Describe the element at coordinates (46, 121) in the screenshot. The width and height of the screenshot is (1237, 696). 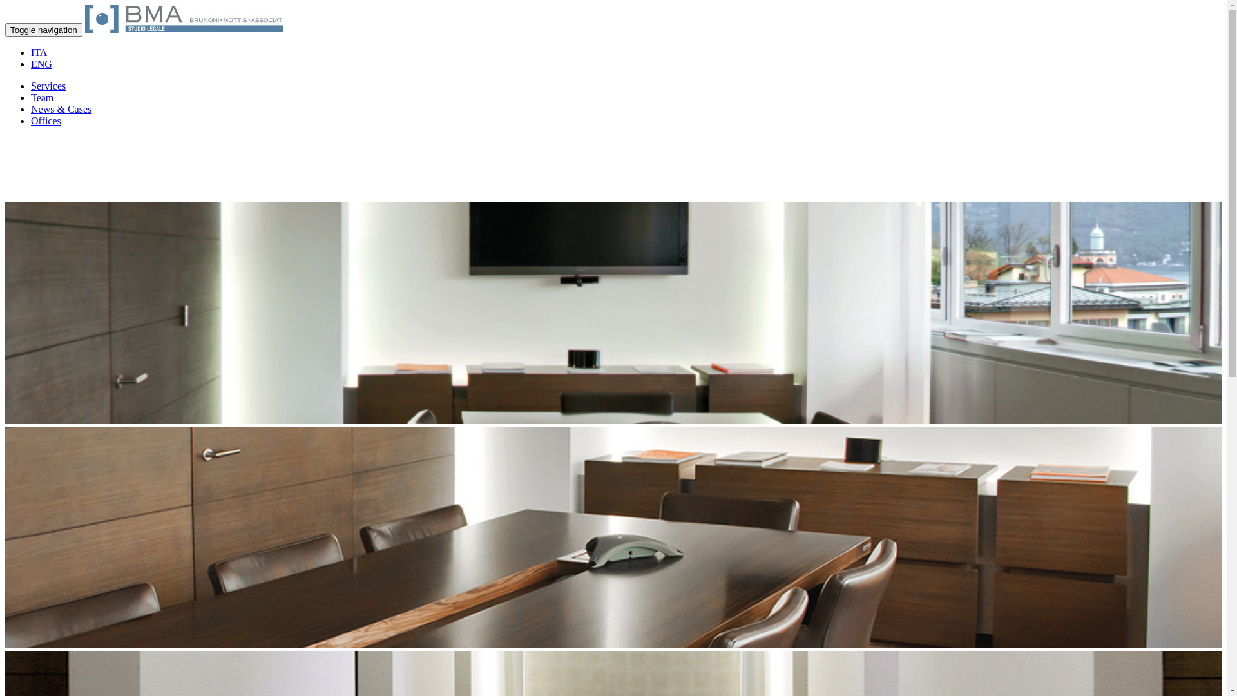
I see `'Offices'` at that location.